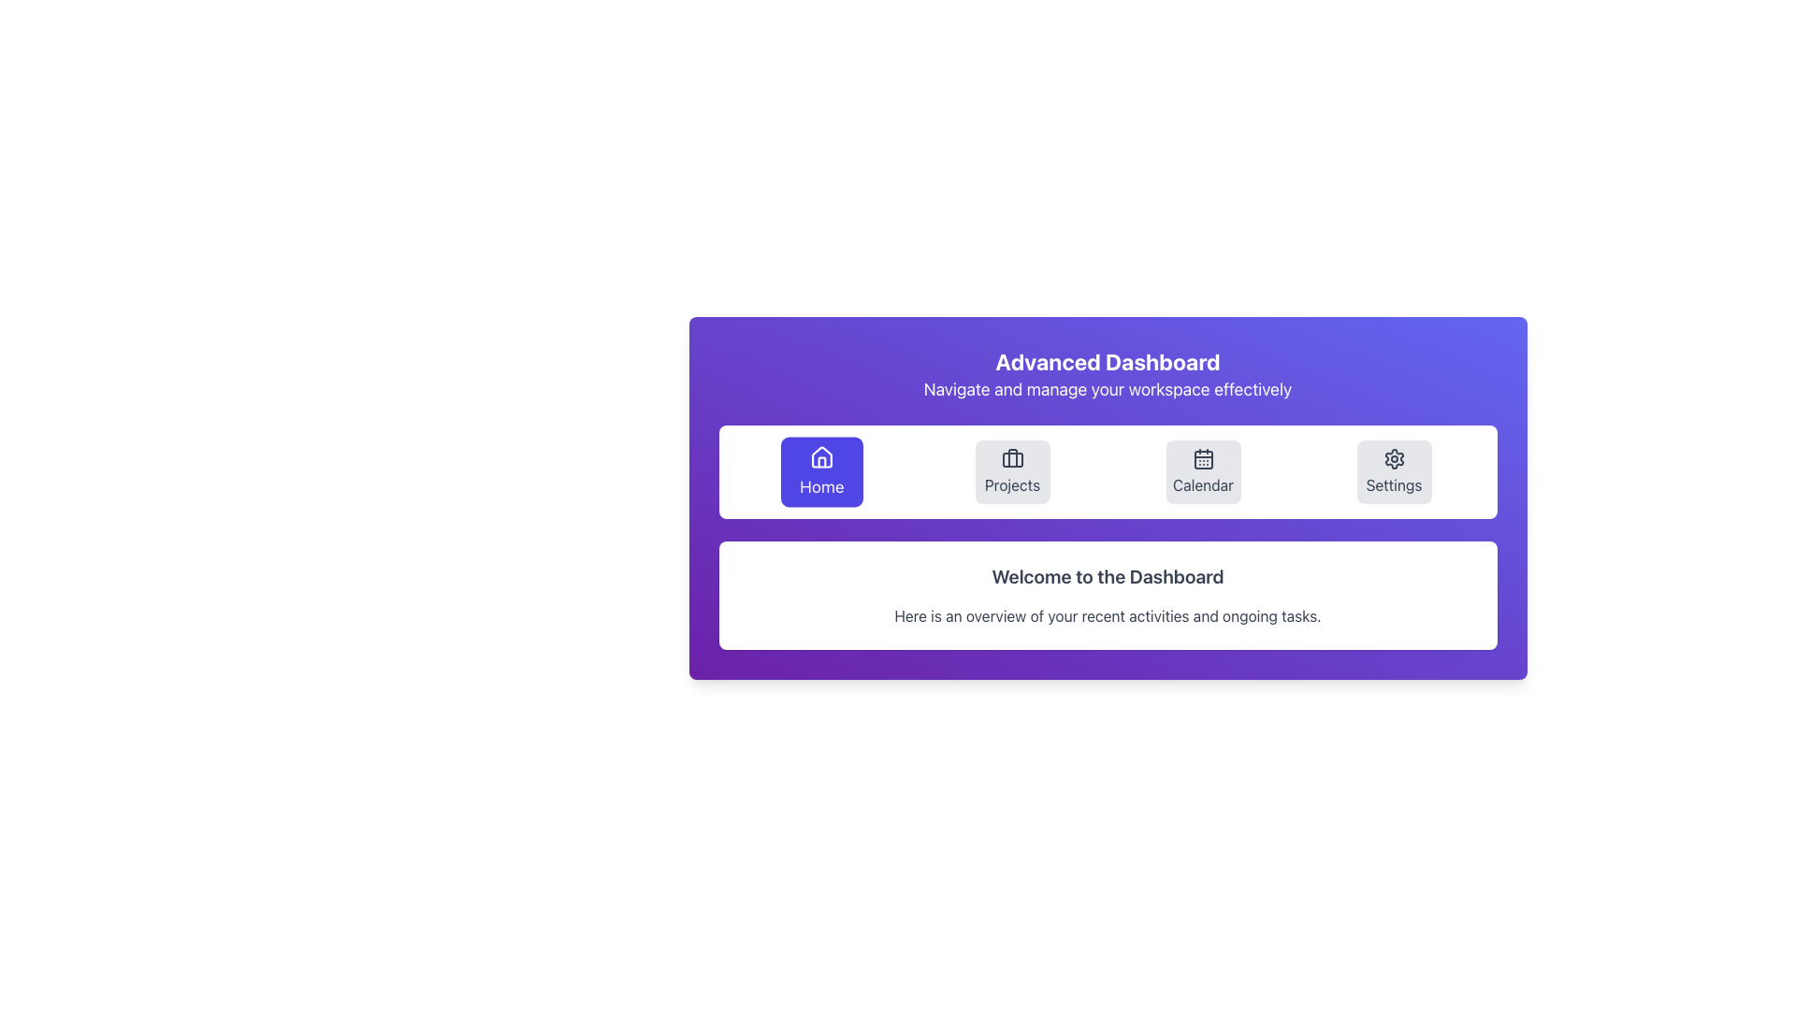 This screenshot has height=1010, width=1796. Describe the element at coordinates (1108, 361) in the screenshot. I see `the Header Text labeled 'Advanced Dashboard', which is bold and prominently displayed at the top of the content area on a purple background` at that location.